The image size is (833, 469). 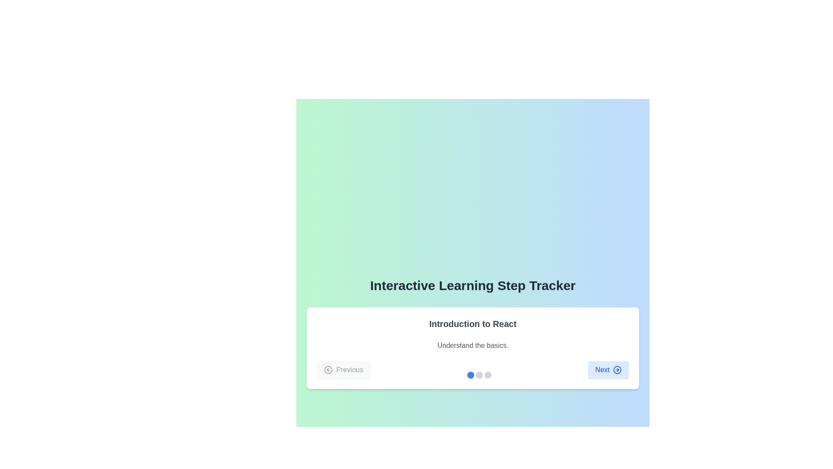 What do you see at coordinates (617, 370) in the screenshot?
I see `the SVG Circle Component that visually represents the arrow icon within the 'Next' button of the 'Interactive Learning Step Tracker' interface` at bounding box center [617, 370].